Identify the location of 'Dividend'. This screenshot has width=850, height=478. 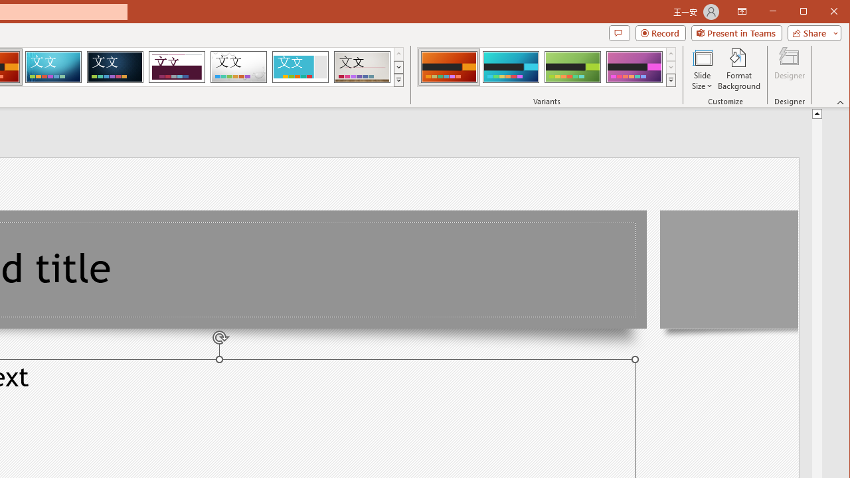
(176, 66).